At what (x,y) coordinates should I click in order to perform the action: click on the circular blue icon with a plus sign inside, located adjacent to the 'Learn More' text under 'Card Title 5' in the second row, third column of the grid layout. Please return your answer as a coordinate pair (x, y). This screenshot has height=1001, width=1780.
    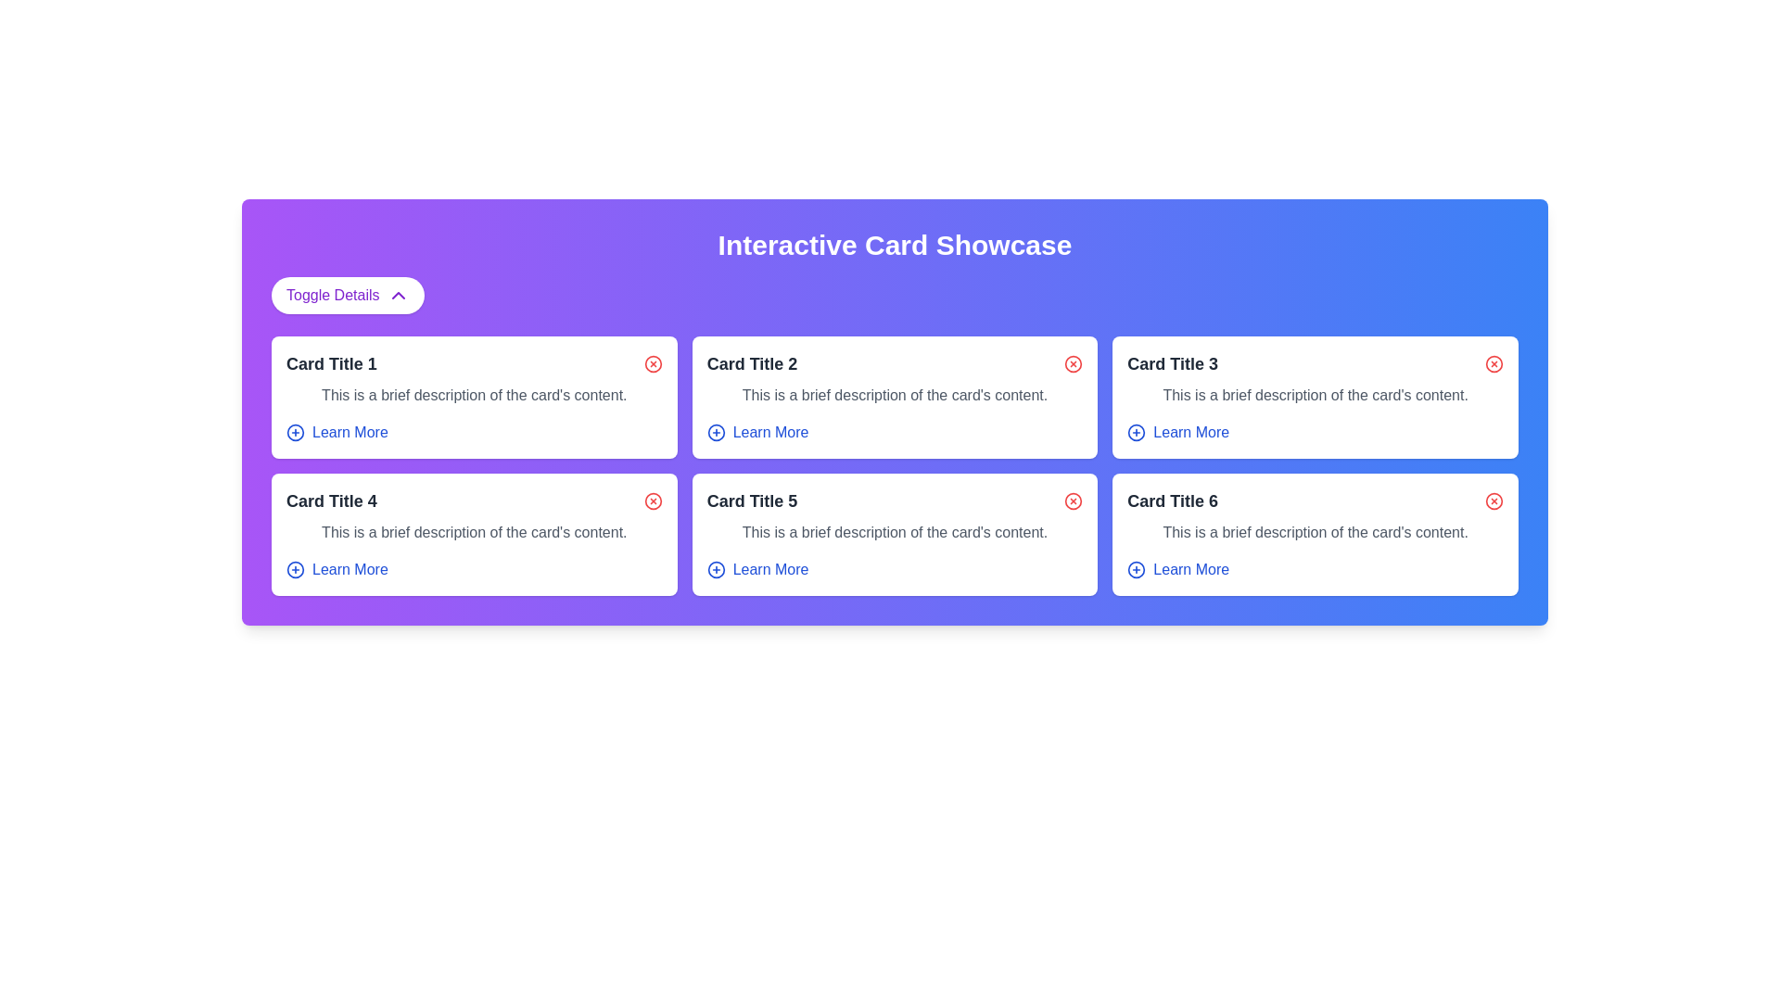
    Looking at the image, I should click on (715, 568).